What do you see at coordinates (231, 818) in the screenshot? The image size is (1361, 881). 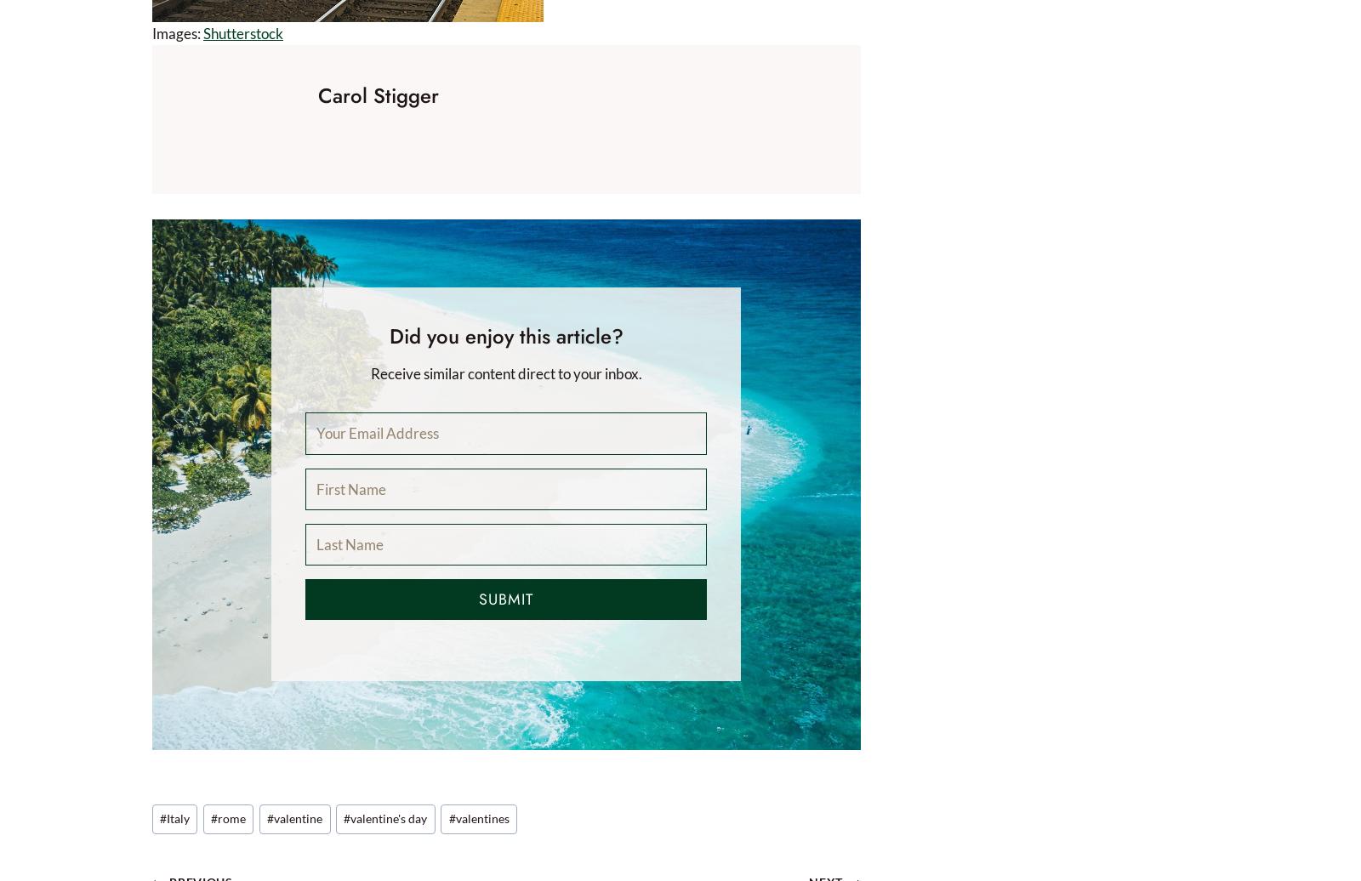 I see `'rome'` at bounding box center [231, 818].